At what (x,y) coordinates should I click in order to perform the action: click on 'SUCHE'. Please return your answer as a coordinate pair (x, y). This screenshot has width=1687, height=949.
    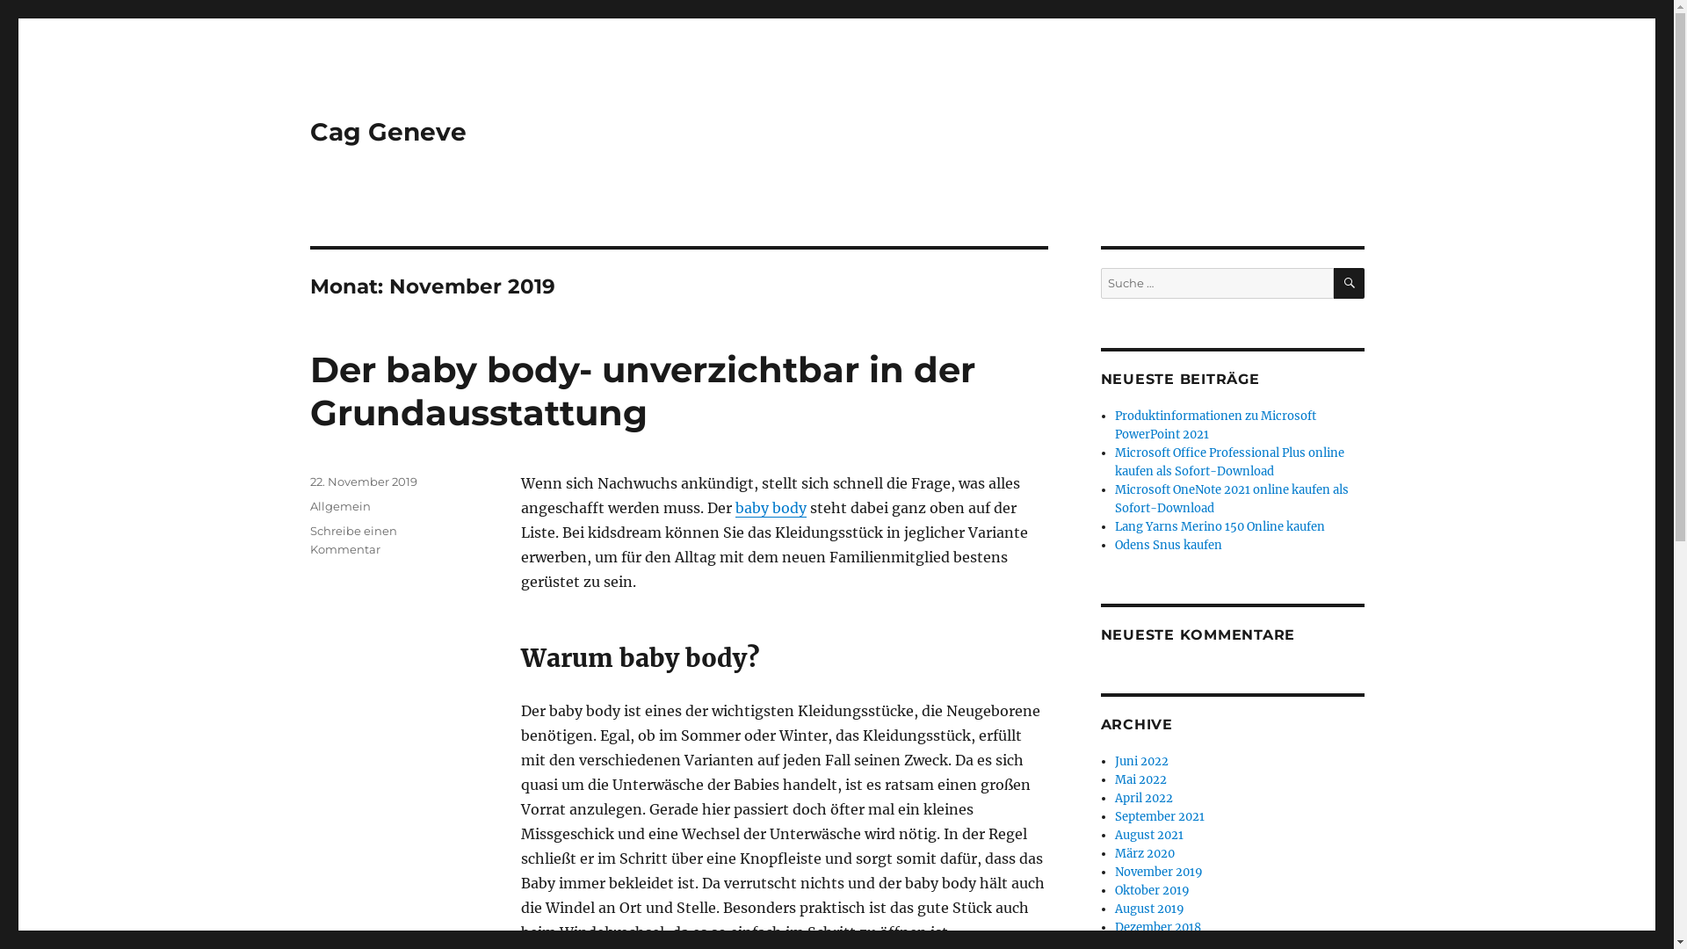
    Looking at the image, I should click on (1348, 282).